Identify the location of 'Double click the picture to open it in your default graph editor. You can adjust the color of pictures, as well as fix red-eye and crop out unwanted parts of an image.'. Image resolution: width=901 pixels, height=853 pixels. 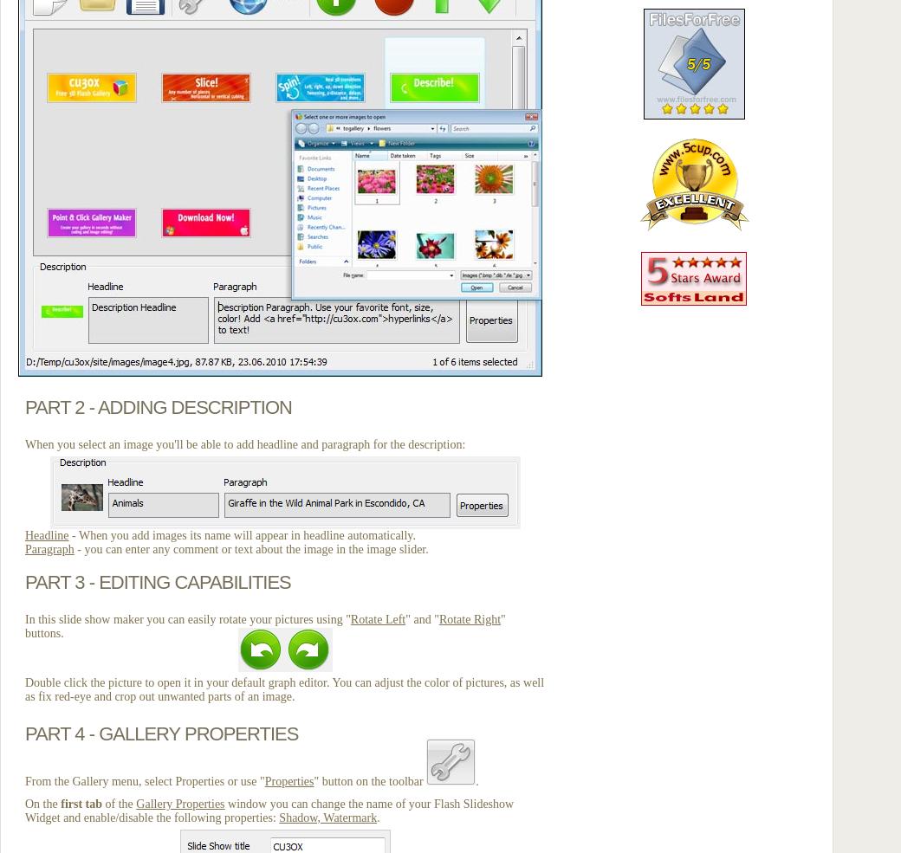
(24, 688).